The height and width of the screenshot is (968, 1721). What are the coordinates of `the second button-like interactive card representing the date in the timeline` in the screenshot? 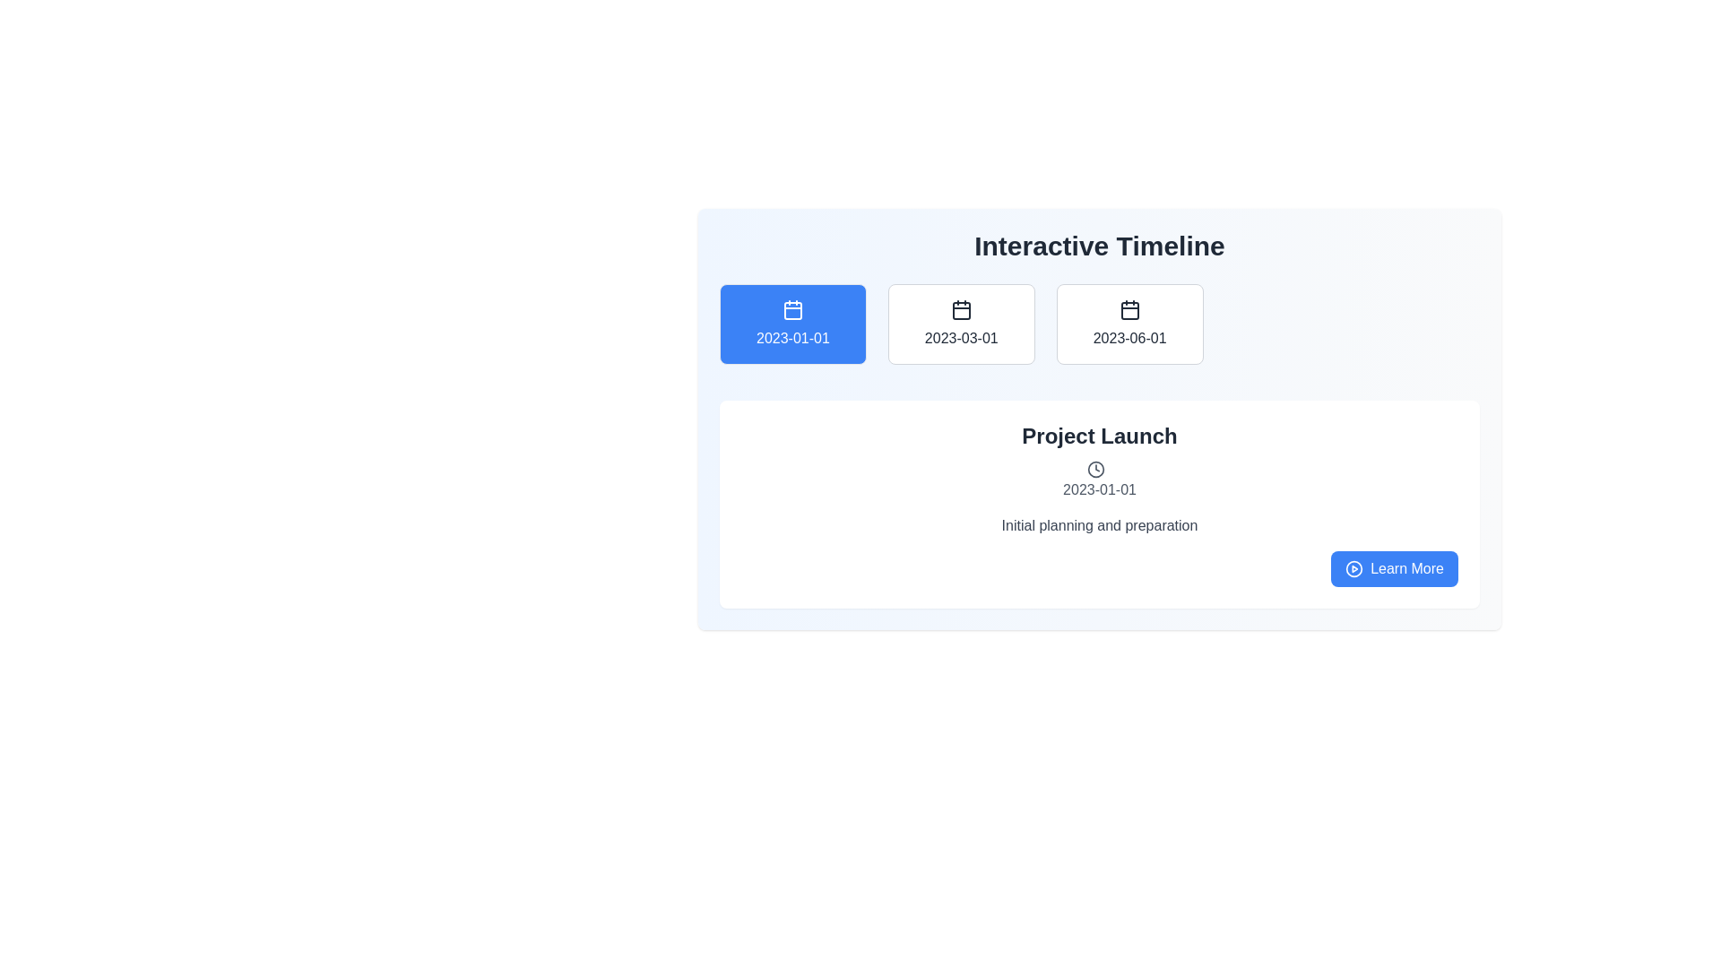 It's located at (960, 324).